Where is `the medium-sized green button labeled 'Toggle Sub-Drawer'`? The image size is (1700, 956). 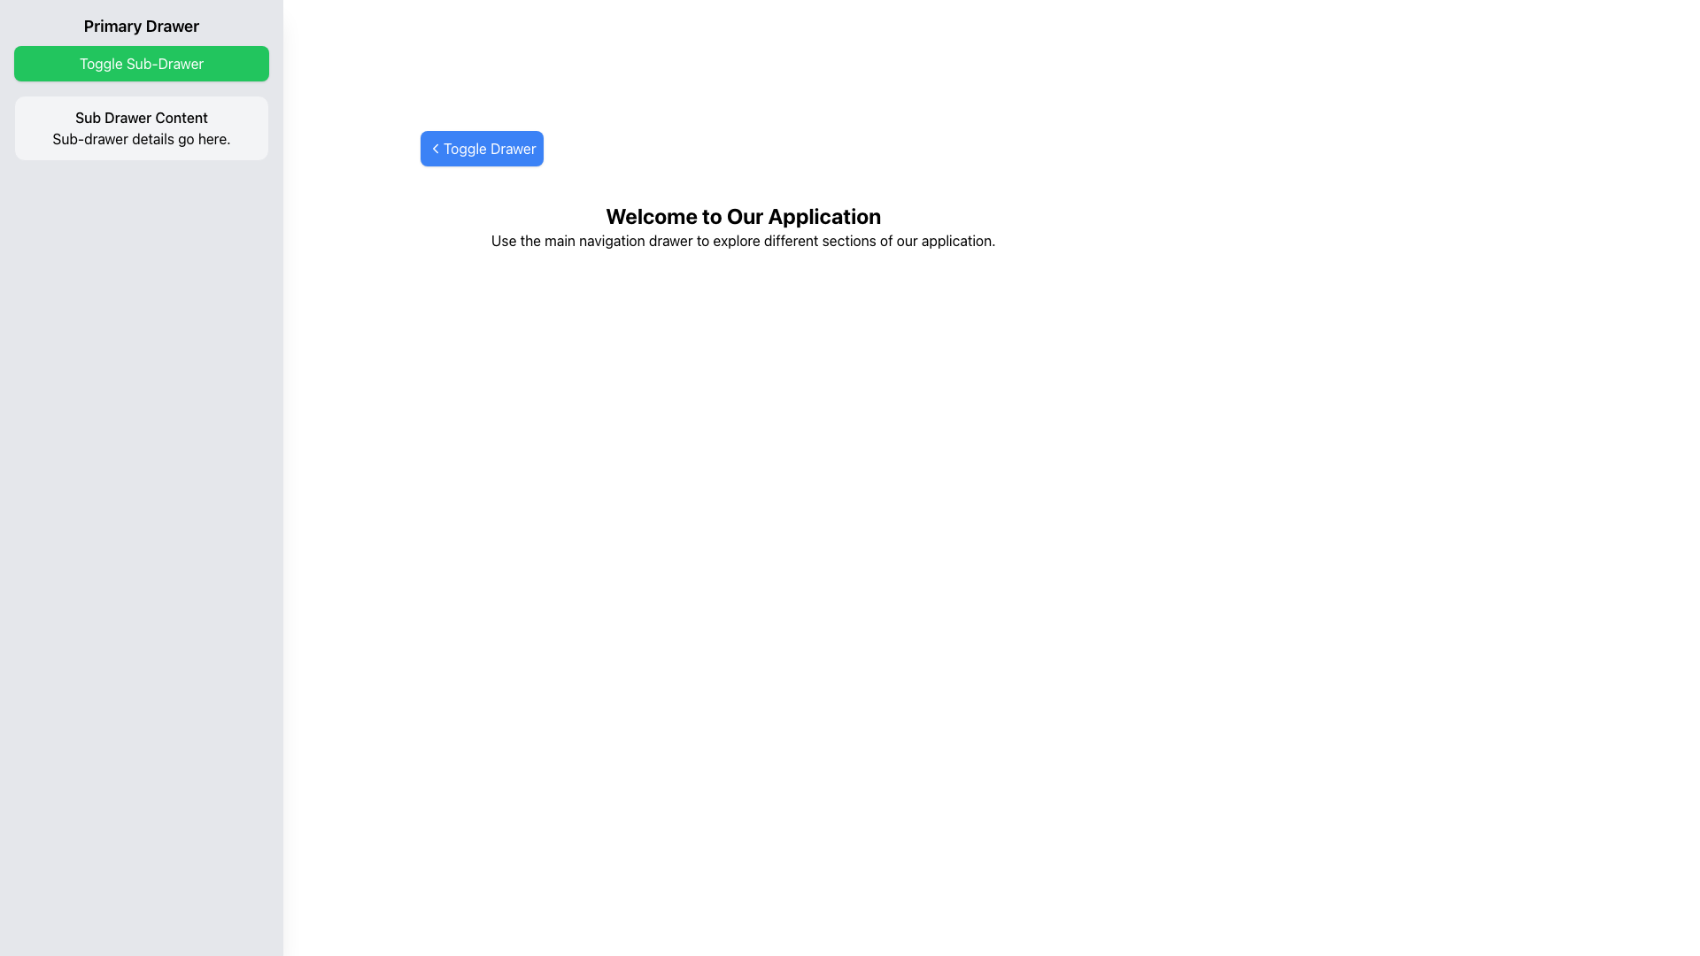 the medium-sized green button labeled 'Toggle Sub-Drawer' is located at coordinates (140, 63).